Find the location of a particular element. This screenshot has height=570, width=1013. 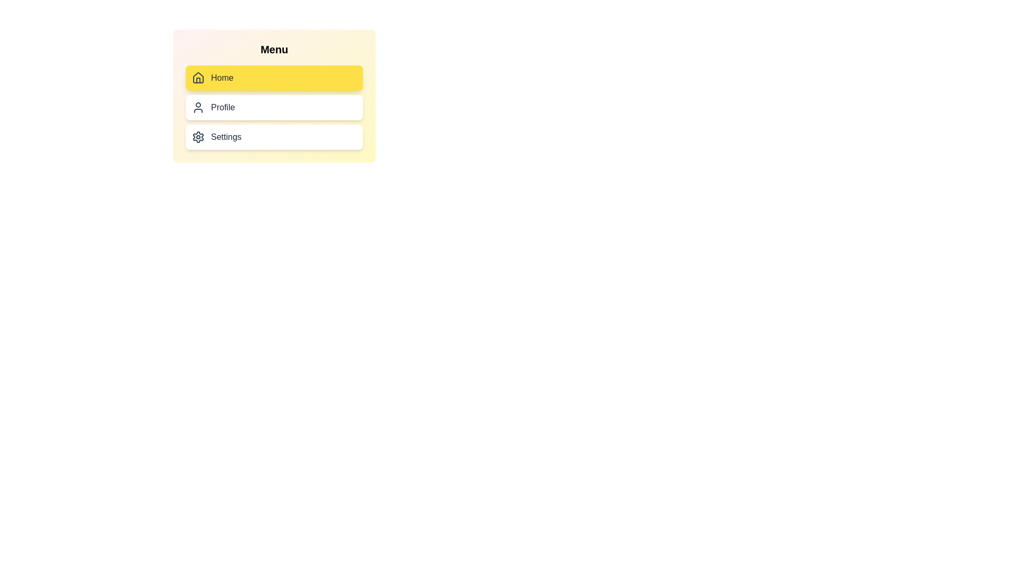

the navigation menu item Home by clicking on it is located at coordinates (274, 77).